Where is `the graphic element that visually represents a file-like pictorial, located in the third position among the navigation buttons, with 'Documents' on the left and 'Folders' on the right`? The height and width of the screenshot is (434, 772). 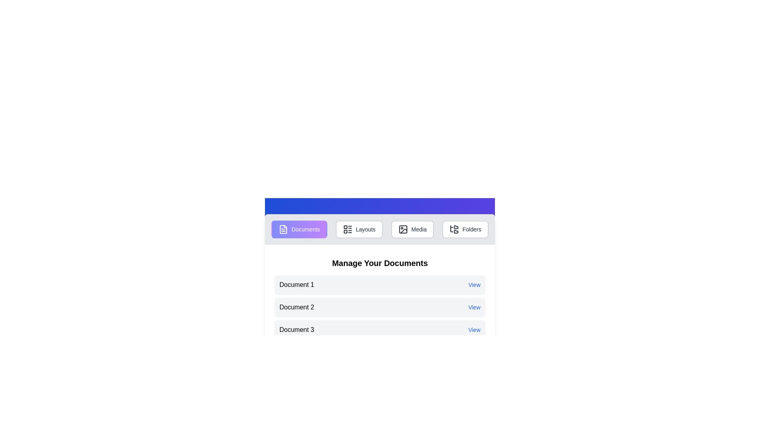
the graphic element that visually represents a file-like pictorial, located in the third position among the navigation buttons, with 'Documents' on the left and 'Folders' on the right is located at coordinates (403, 229).